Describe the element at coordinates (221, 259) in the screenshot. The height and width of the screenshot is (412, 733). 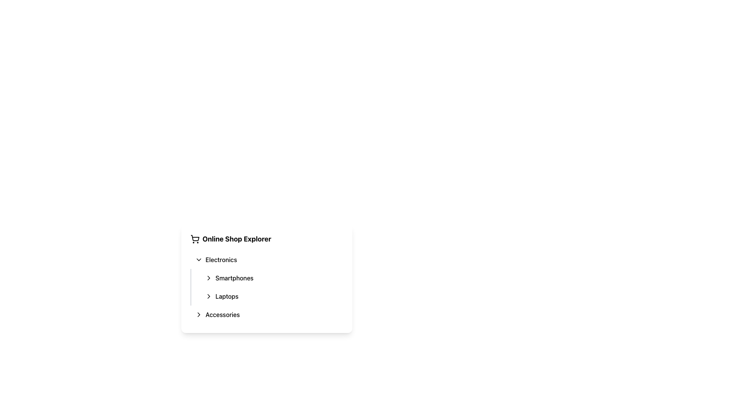
I see `the 'Electronics' menu item's label` at that location.